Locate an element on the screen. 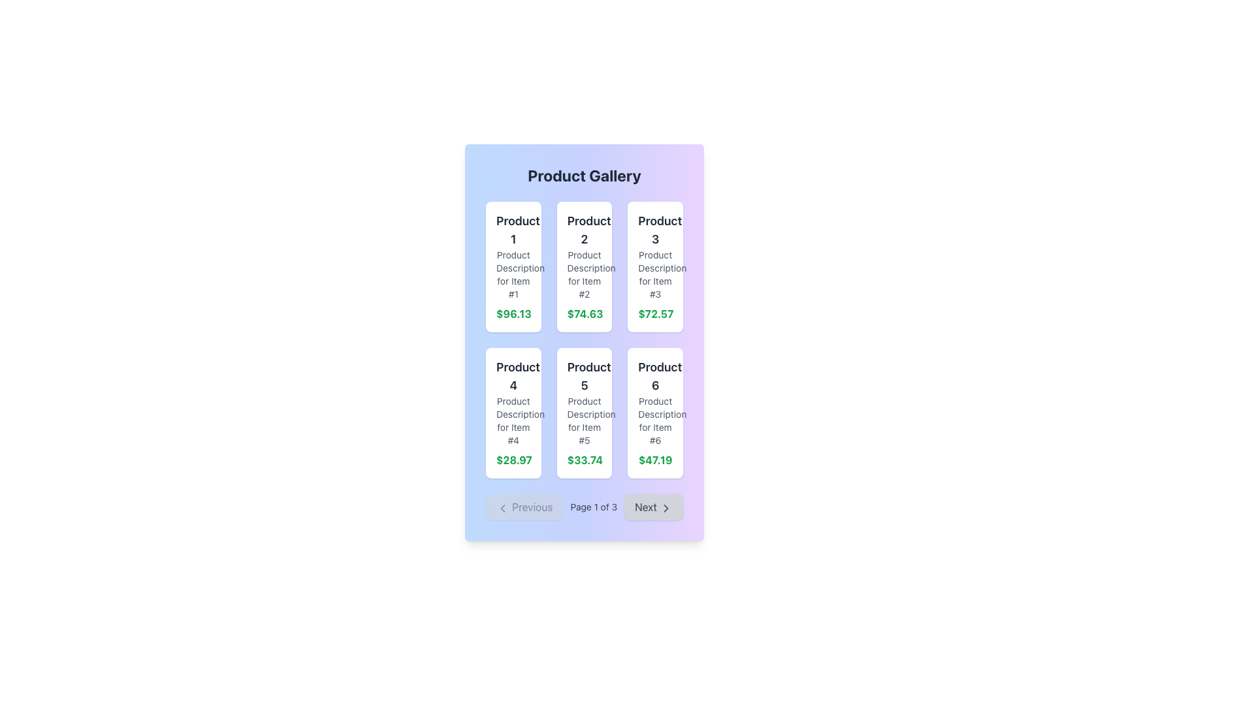 The height and width of the screenshot is (705, 1254). the text block displaying 'Product Description for Item #4', which is styled with a smaller font size and gray color, located beneath the title 'Product 4' and above the price '$28.97' is located at coordinates (513, 420).